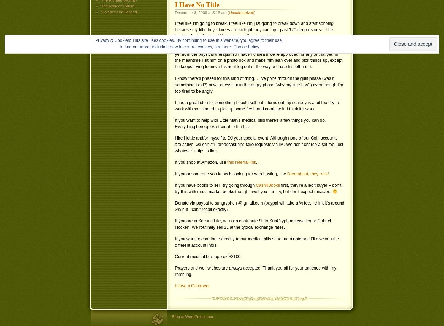 The width and height of the screenshot is (444, 326). What do you see at coordinates (256, 162) in the screenshot?
I see `'.'` at bounding box center [256, 162].